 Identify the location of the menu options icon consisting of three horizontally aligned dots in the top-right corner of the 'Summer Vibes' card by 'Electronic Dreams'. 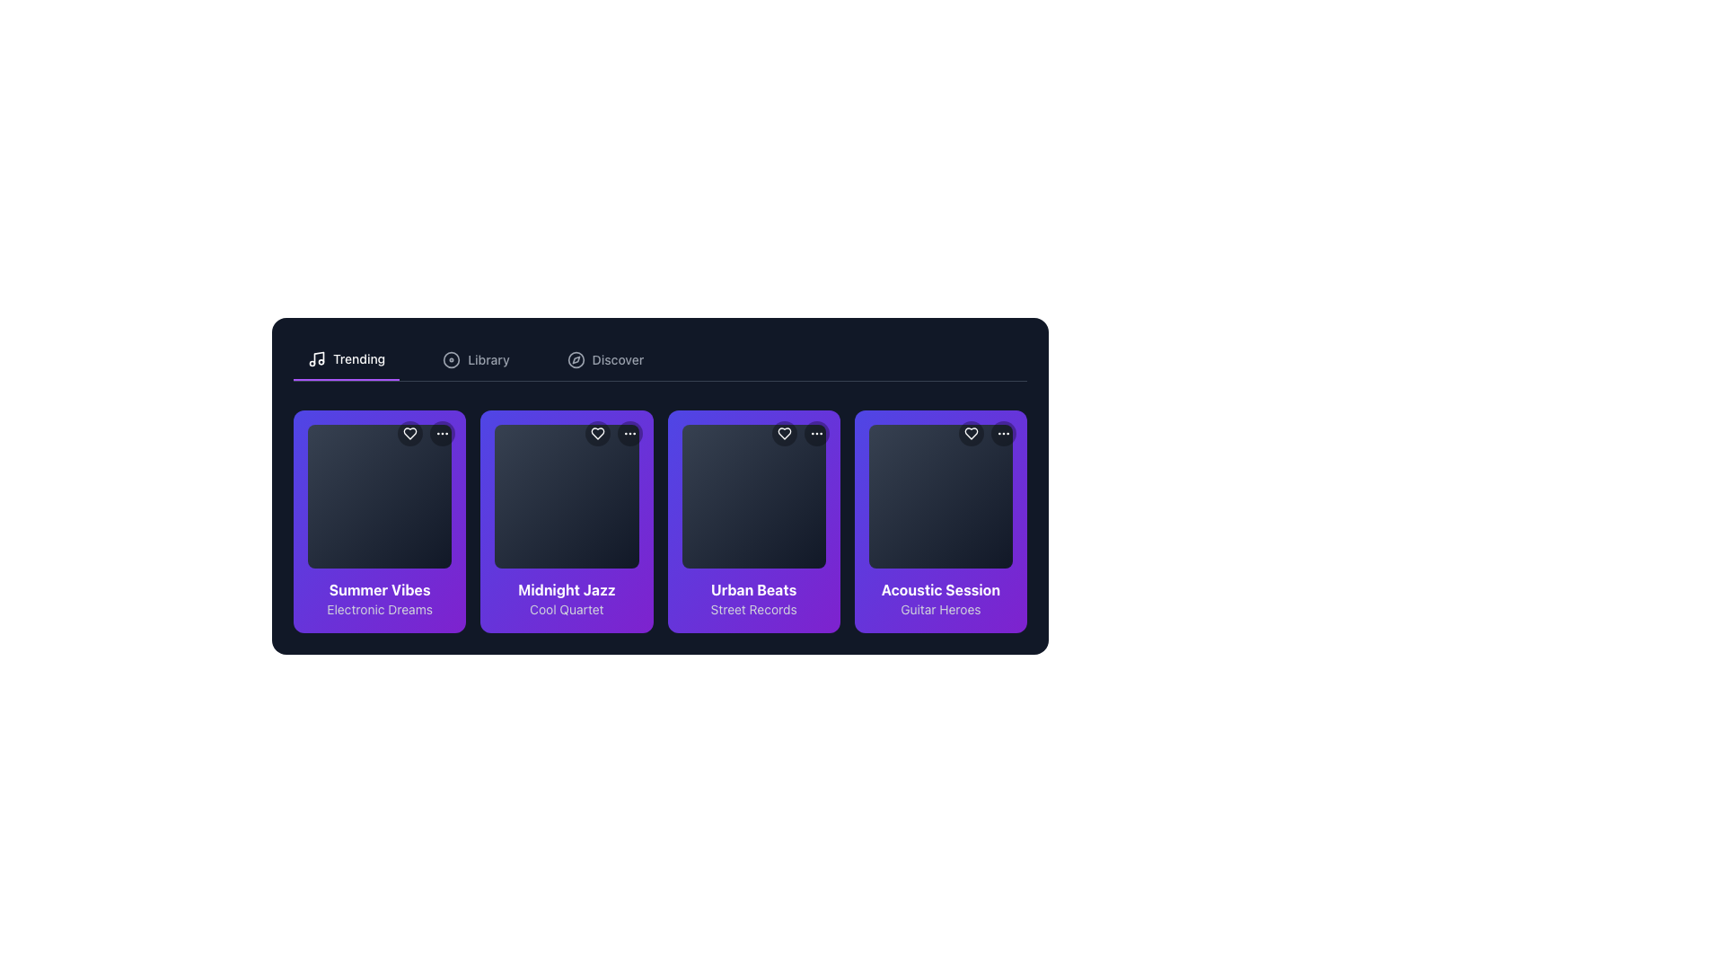
(443, 433).